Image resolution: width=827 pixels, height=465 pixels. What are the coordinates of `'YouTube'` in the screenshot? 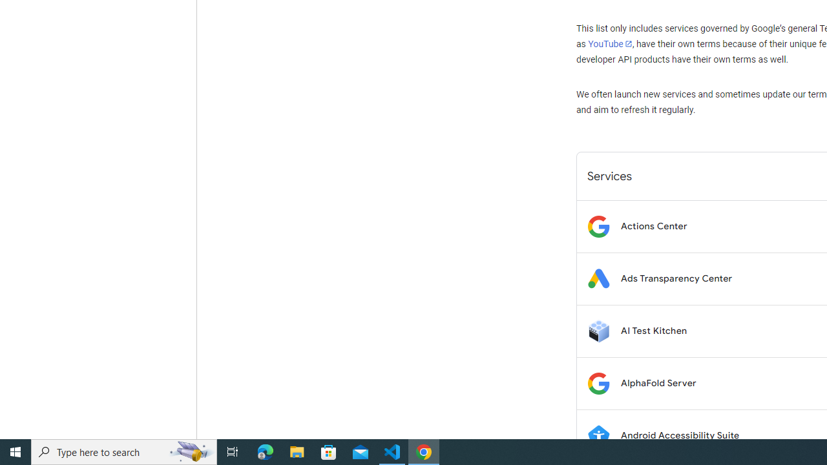 It's located at (609, 43).